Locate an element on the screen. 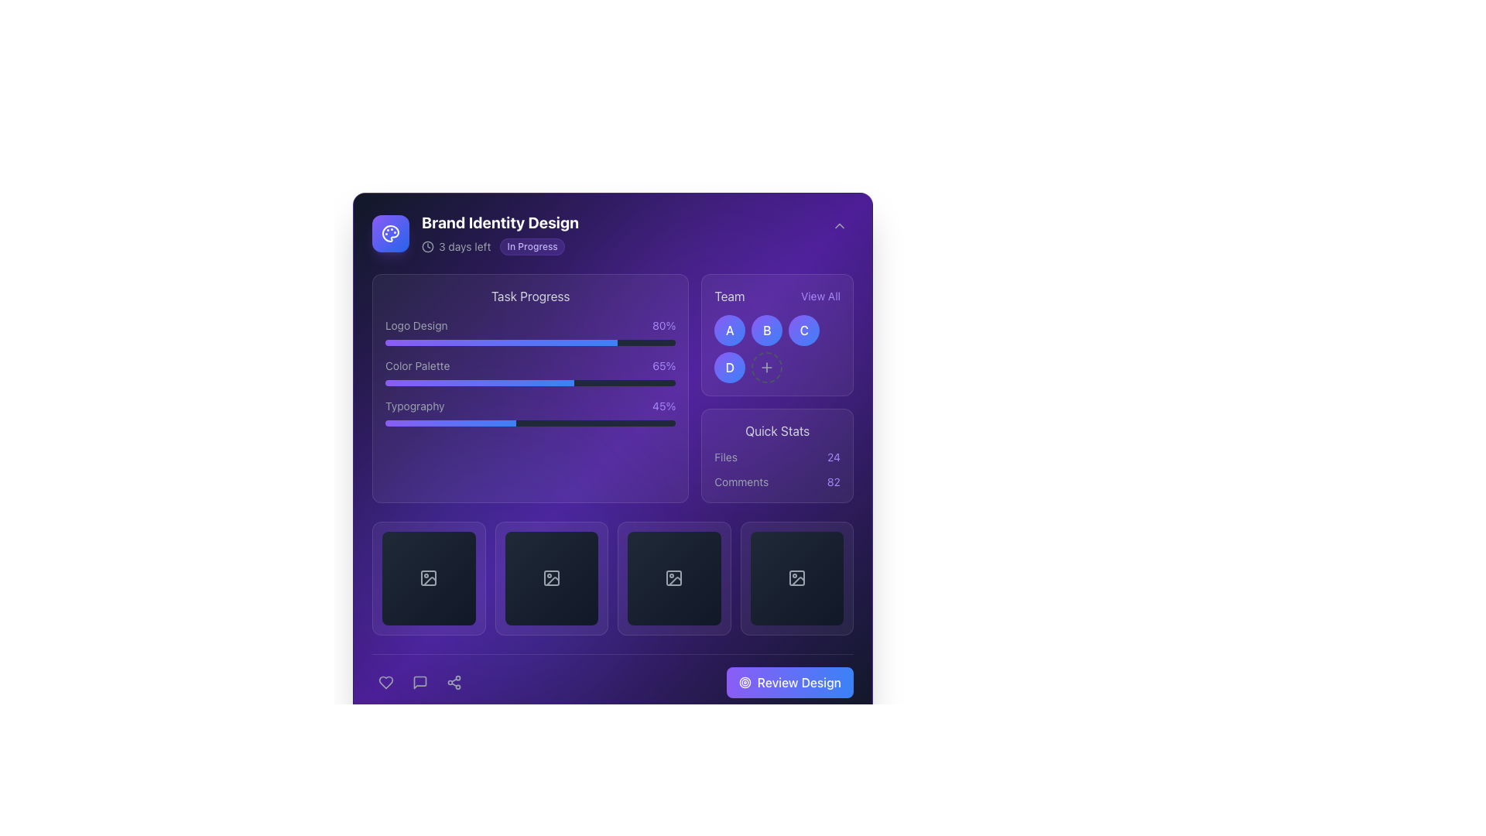  the circular badge containing the letter 'D' in white, which is the fourth badge in the 'Team' section, positioned below the 'A' badge and to the left of an interactive placeholder circle is located at coordinates (729, 367).